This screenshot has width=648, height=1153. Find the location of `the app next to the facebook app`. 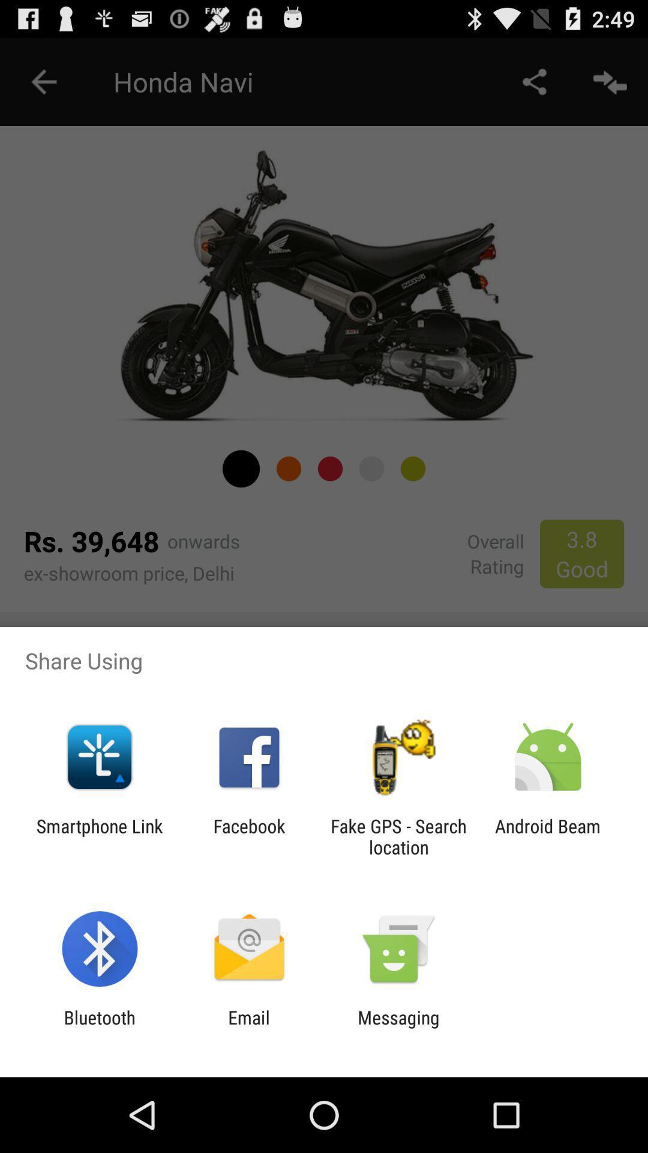

the app next to the facebook app is located at coordinates (99, 836).